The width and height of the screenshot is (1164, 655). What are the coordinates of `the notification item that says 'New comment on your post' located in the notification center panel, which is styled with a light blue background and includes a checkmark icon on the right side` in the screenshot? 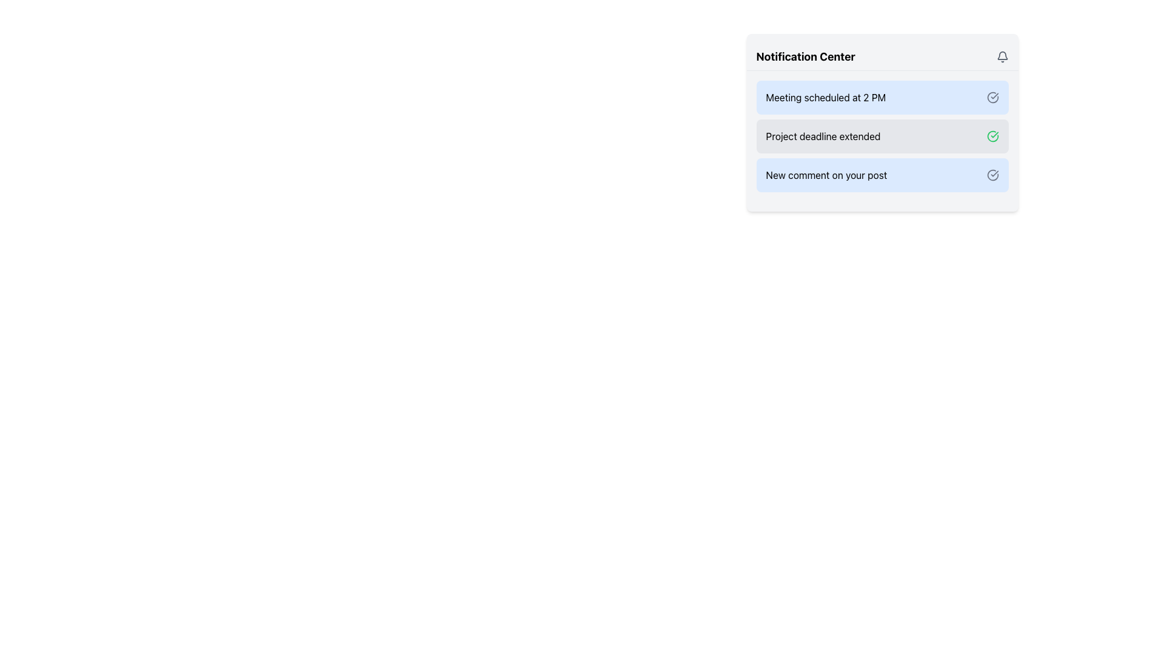 It's located at (882, 175).